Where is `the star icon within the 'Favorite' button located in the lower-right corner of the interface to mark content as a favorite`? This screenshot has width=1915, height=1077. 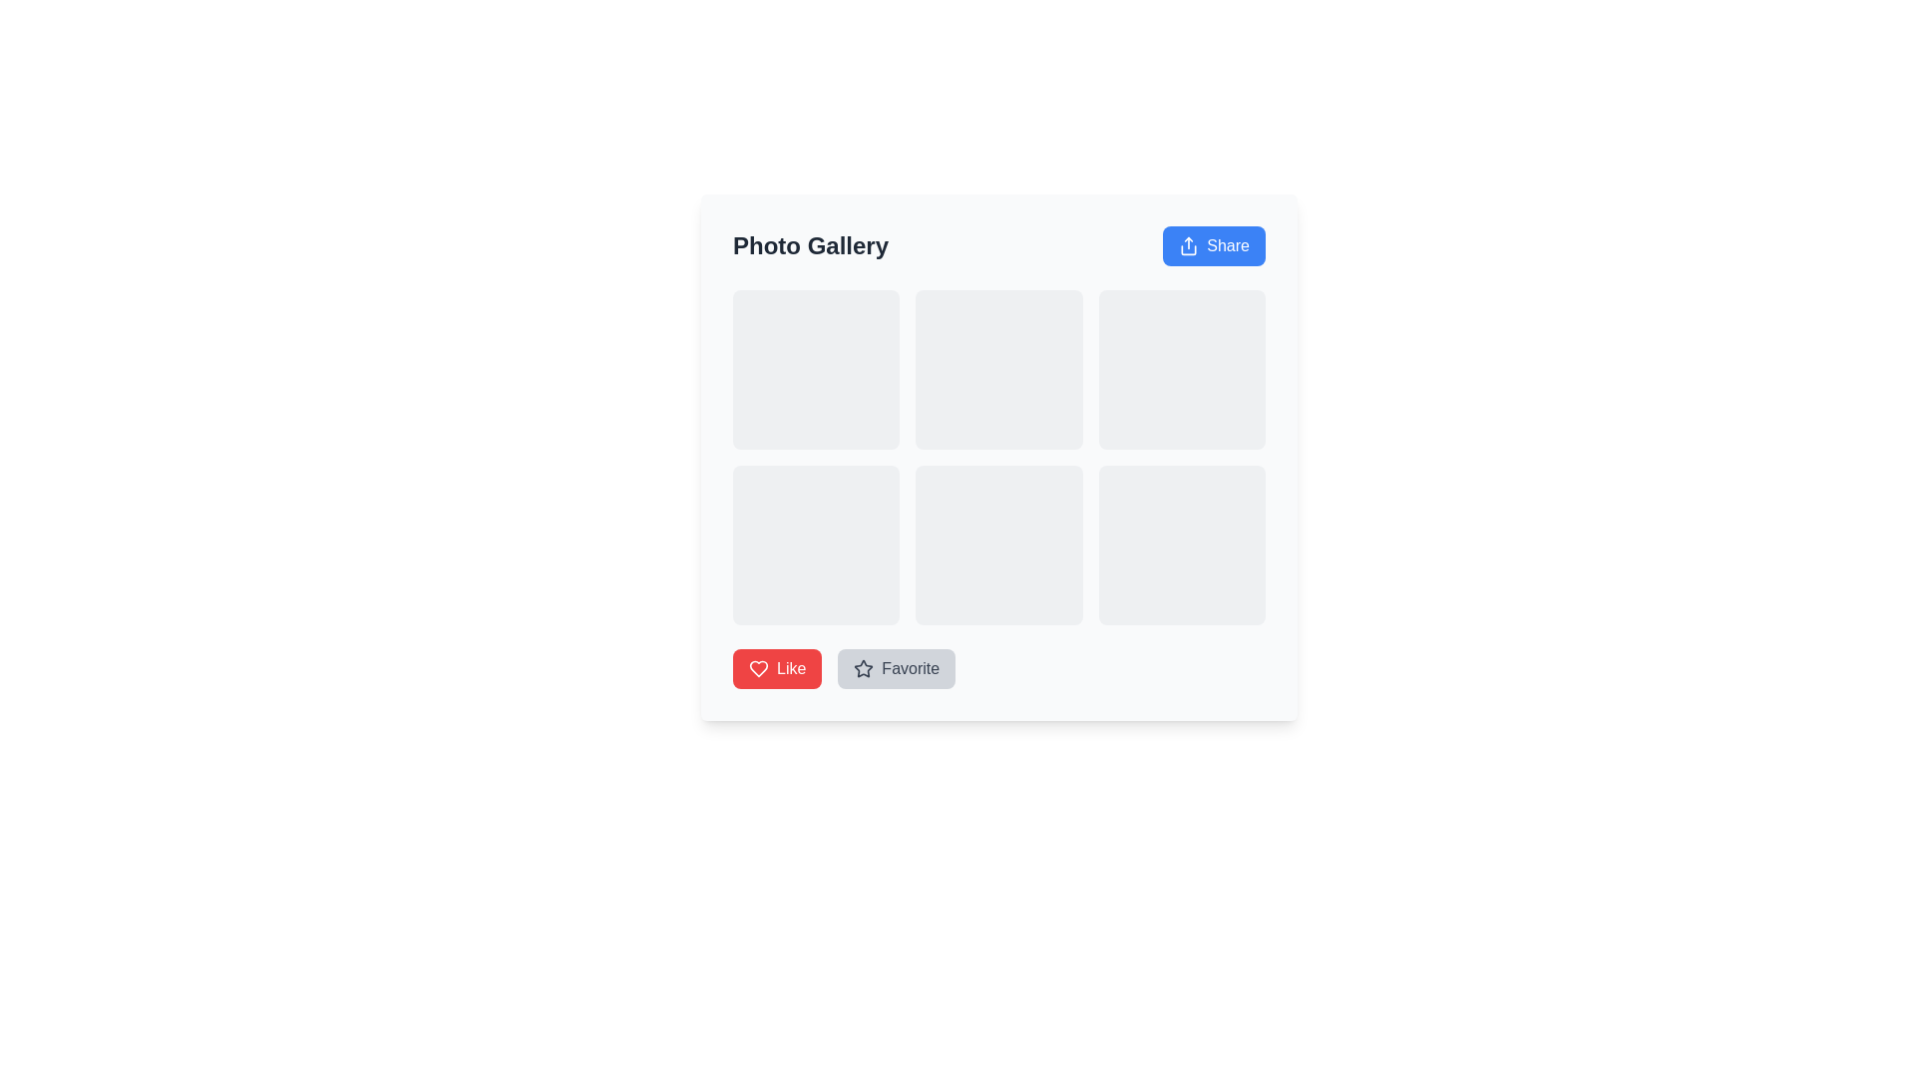 the star icon within the 'Favorite' button located in the lower-right corner of the interface to mark content as a favorite is located at coordinates (863, 669).